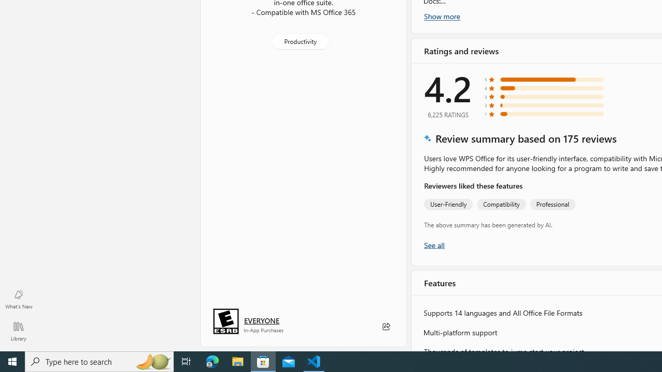 This screenshot has height=372, width=662. I want to click on 'Show all ratings and reviews', so click(434, 244).